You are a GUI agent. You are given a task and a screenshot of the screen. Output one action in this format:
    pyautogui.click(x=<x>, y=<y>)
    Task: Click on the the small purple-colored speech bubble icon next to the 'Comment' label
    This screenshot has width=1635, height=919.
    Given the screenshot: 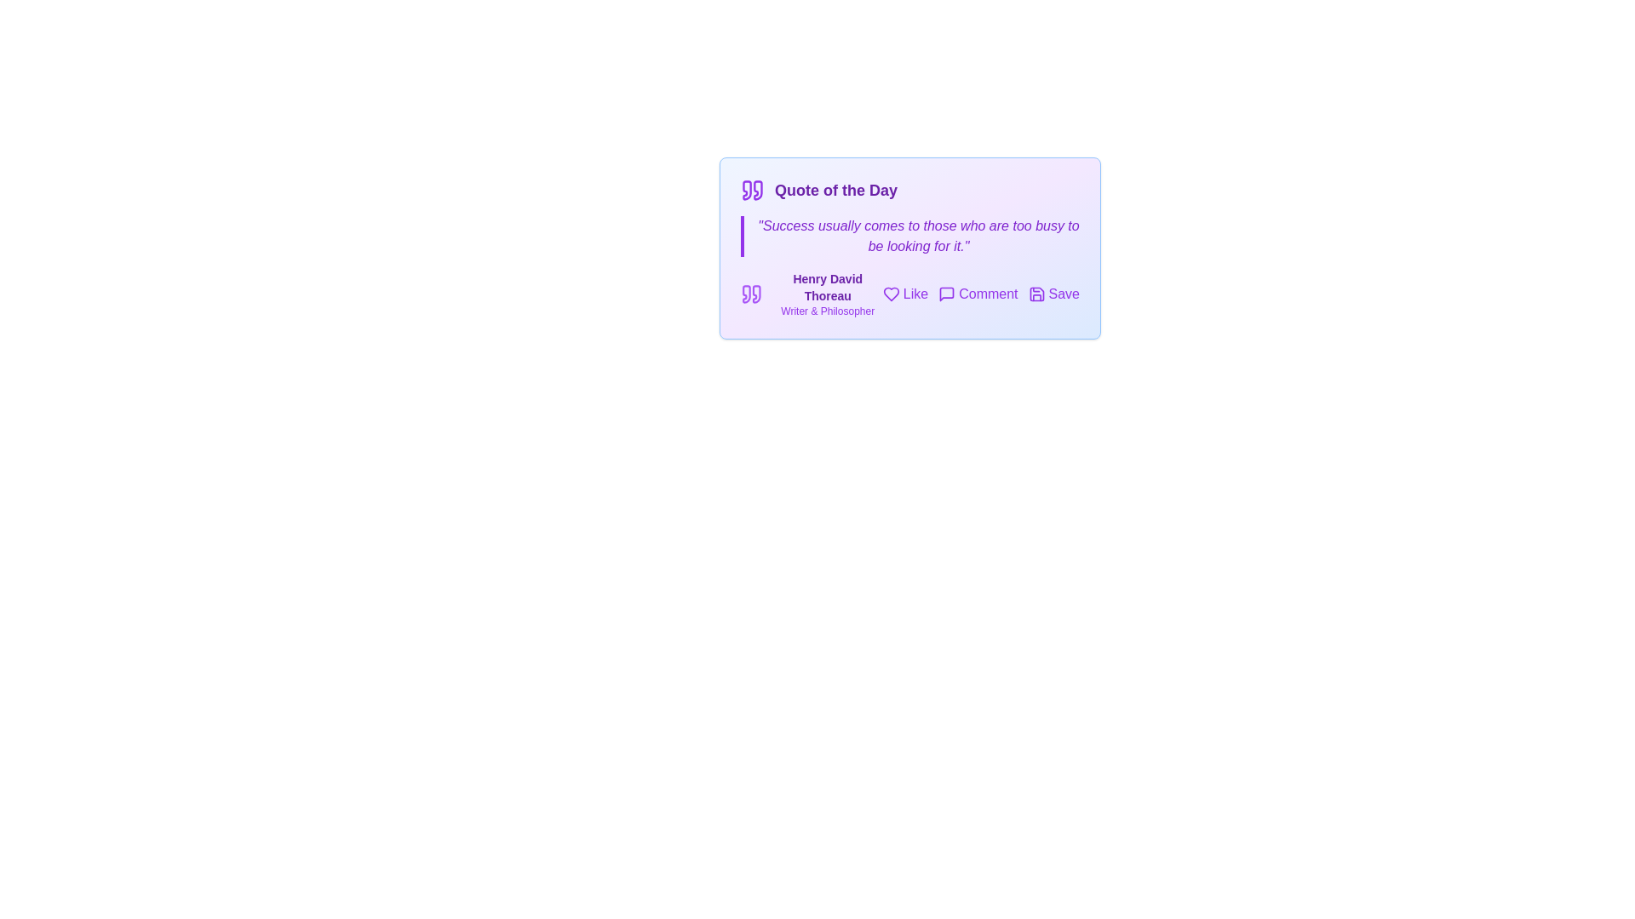 What is the action you would take?
    pyautogui.click(x=946, y=294)
    